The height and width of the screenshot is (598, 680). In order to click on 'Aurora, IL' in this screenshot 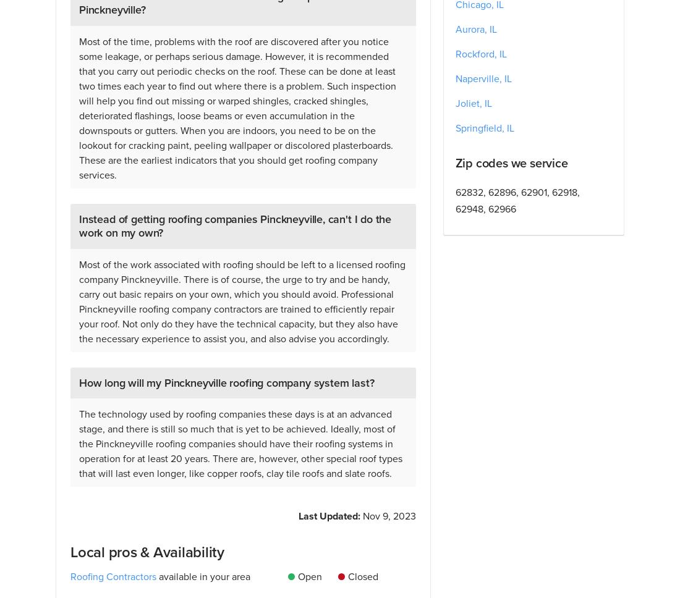, I will do `click(475, 29)`.